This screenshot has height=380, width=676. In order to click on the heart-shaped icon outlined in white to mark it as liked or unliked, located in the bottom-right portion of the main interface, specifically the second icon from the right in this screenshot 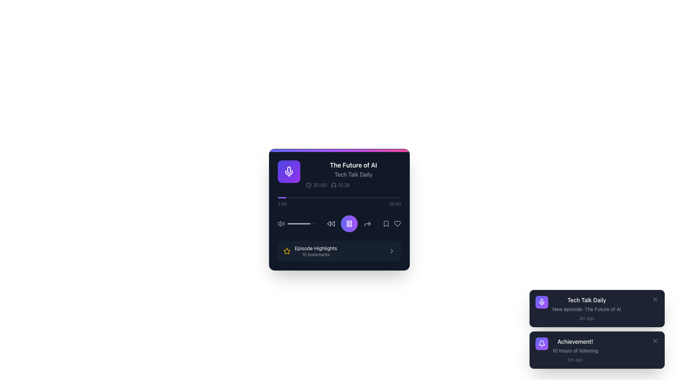, I will do `click(397, 224)`.